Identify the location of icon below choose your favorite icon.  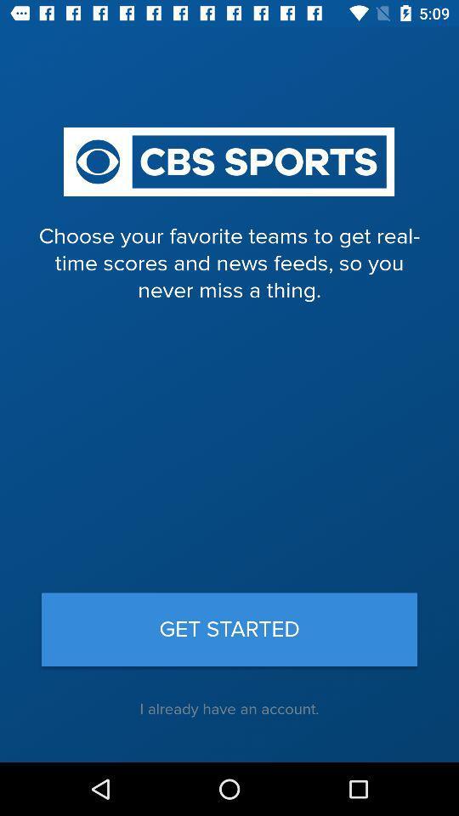
(229, 628).